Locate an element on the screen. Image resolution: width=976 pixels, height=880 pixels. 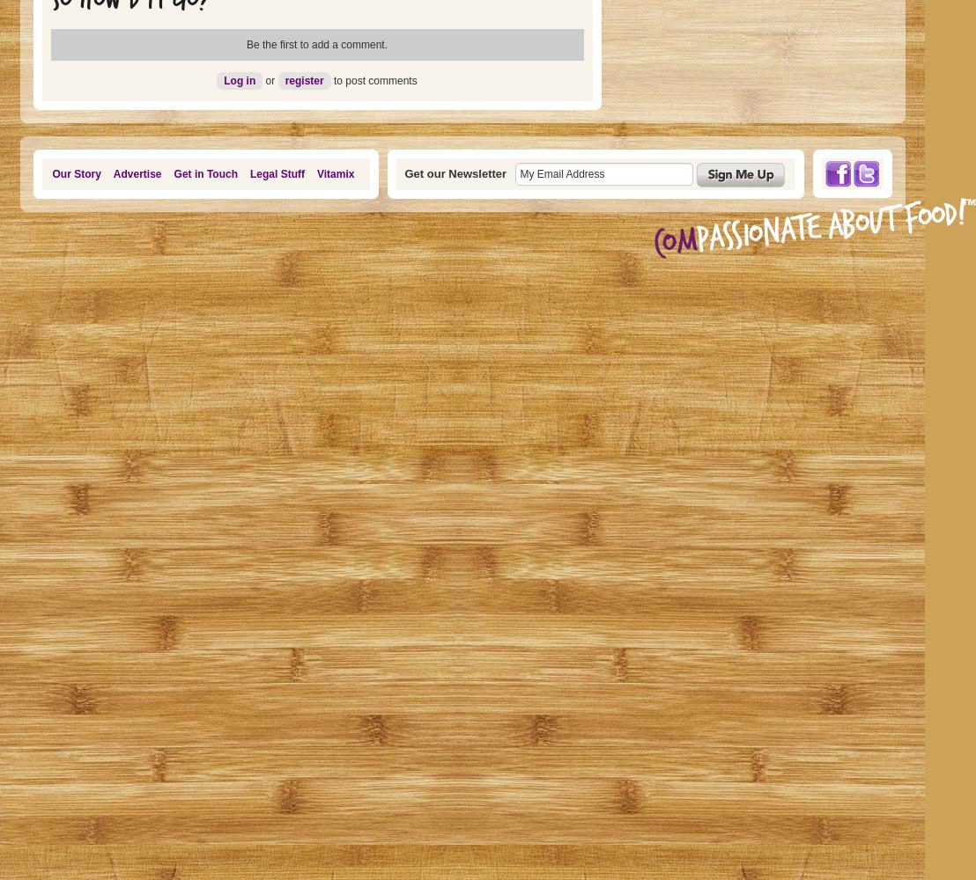
'Log in' is located at coordinates (239, 80).